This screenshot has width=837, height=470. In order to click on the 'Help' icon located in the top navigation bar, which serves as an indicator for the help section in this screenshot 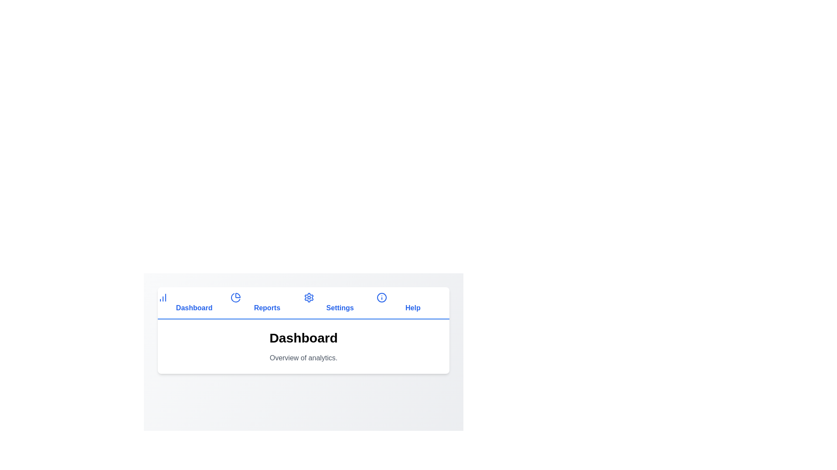, I will do `click(381, 297)`.